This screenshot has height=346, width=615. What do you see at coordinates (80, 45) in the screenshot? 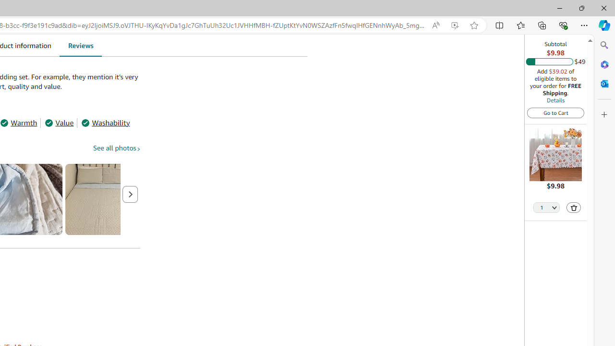
I see `'Reviews'` at bounding box center [80, 45].